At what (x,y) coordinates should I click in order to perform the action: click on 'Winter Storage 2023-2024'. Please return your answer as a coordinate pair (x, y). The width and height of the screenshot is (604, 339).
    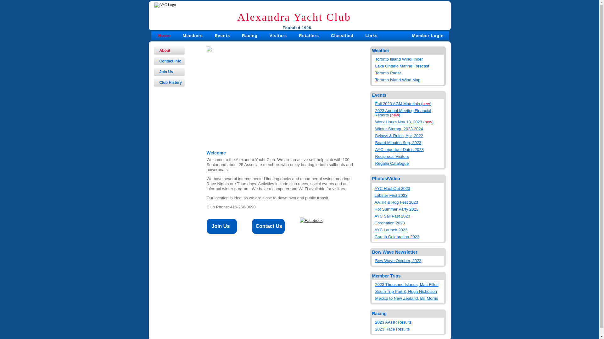
    Looking at the image, I should click on (409, 127).